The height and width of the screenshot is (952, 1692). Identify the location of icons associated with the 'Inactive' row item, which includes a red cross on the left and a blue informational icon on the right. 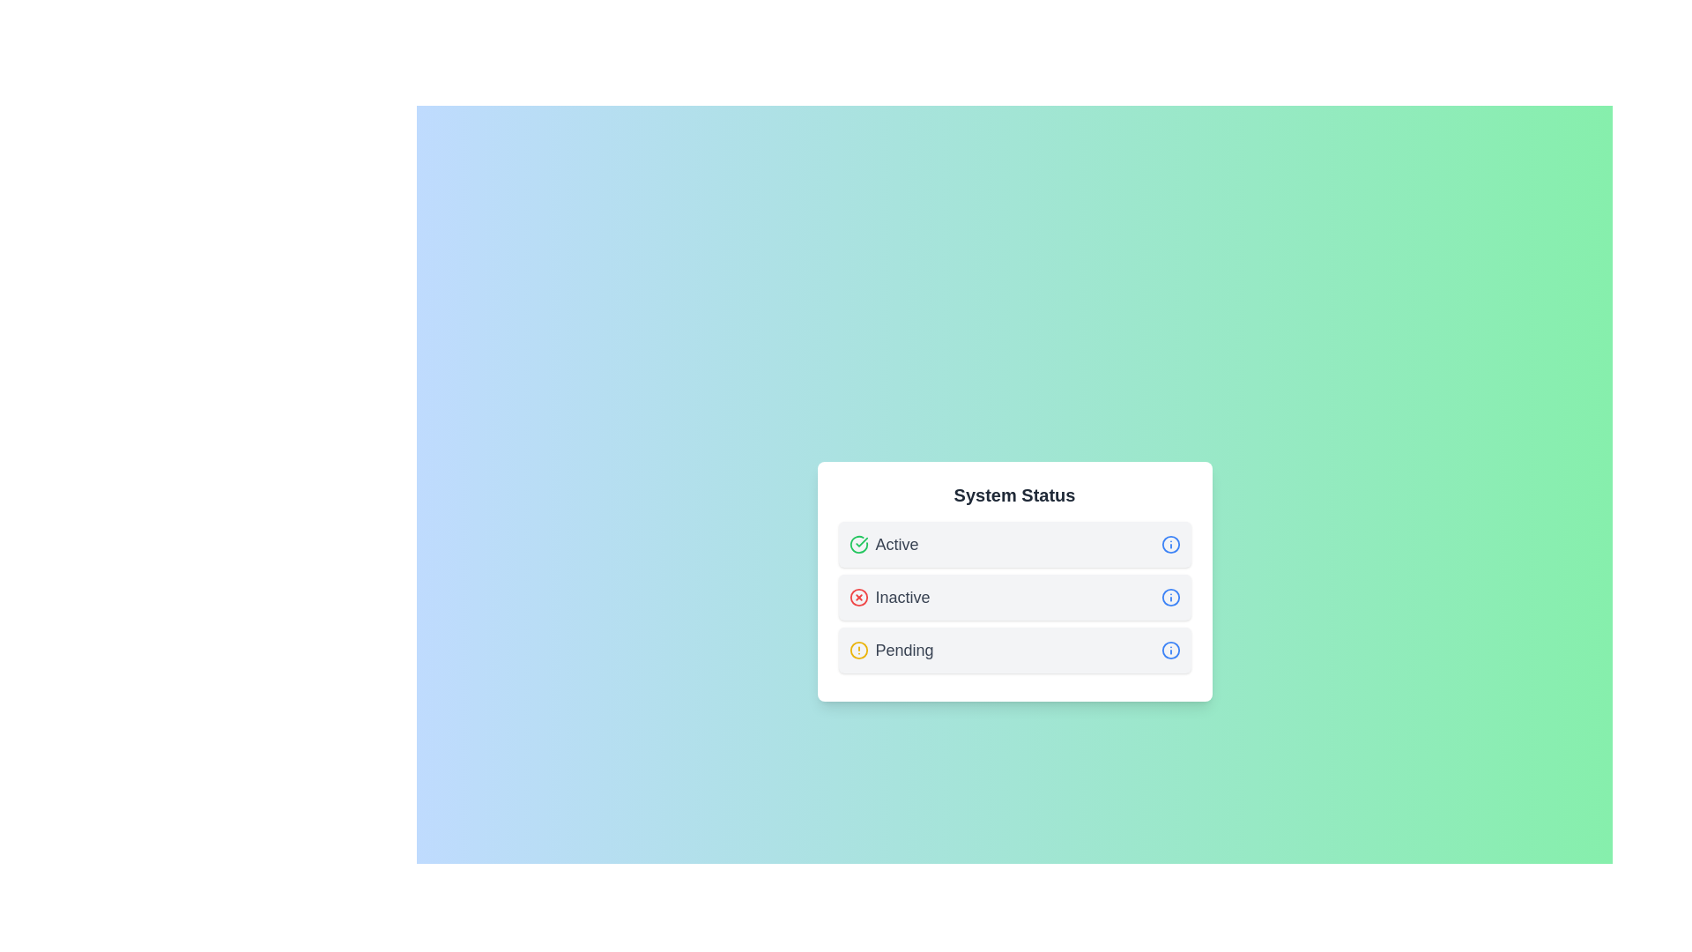
(1014, 597).